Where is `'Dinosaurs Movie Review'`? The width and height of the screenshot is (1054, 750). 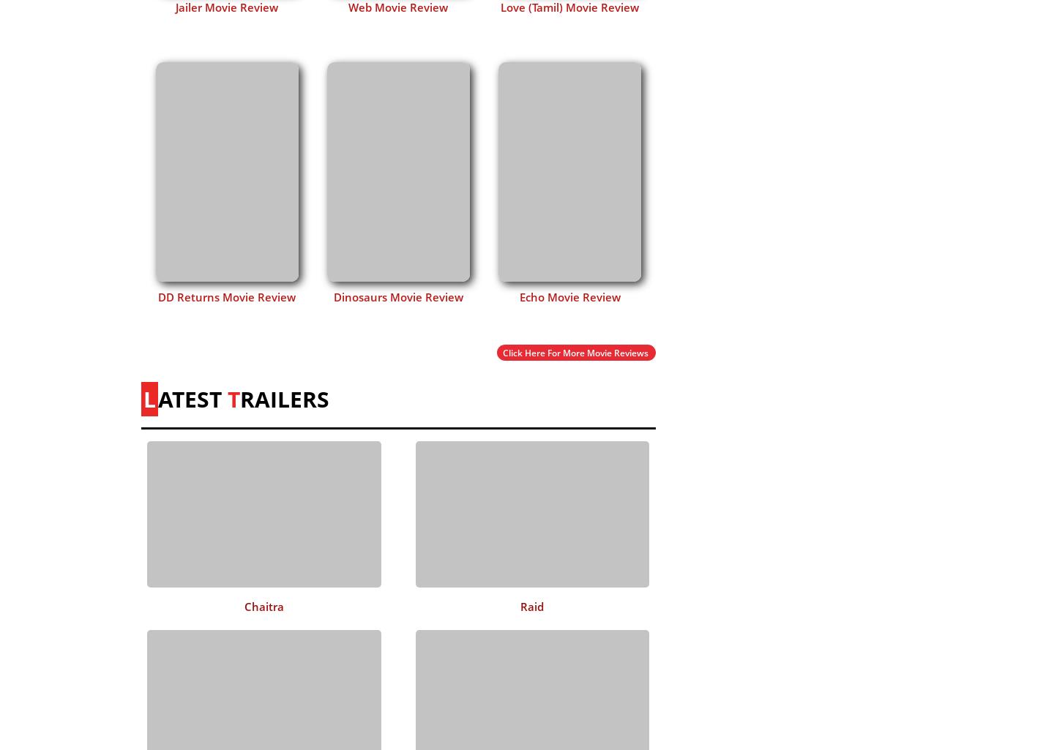
'Dinosaurs Movie Review' is located at coordinates (333, 296).